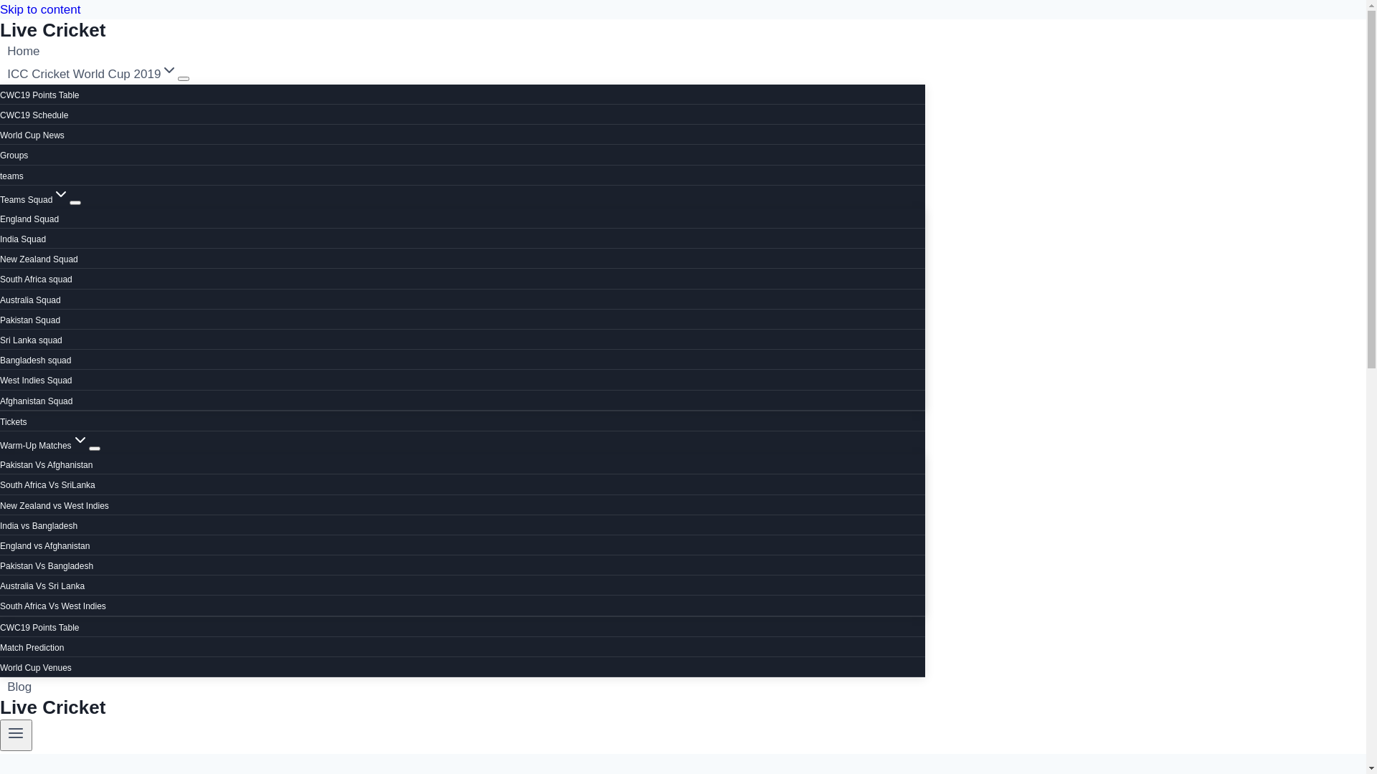 Image resolution: width=1377 pixels, height=774 pixels. Describe the element at coordinates (32, 135) in the screenshot. I see `'World Cup News'` at that location.